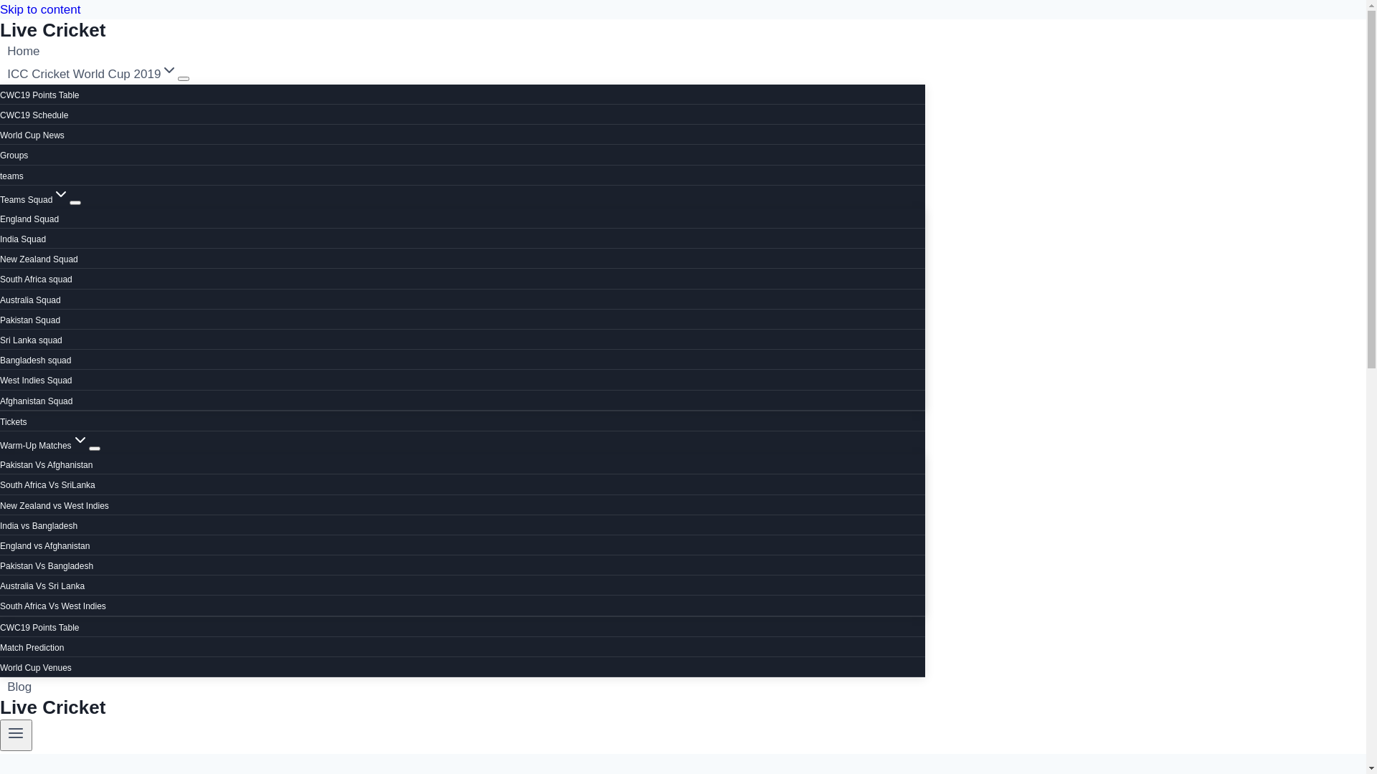 Image resolution: width=1377 pixels, height=774 pixels. Describe the element at coordinates (32, 135) in the screenshot. I see `'World Cup News'` at that location.